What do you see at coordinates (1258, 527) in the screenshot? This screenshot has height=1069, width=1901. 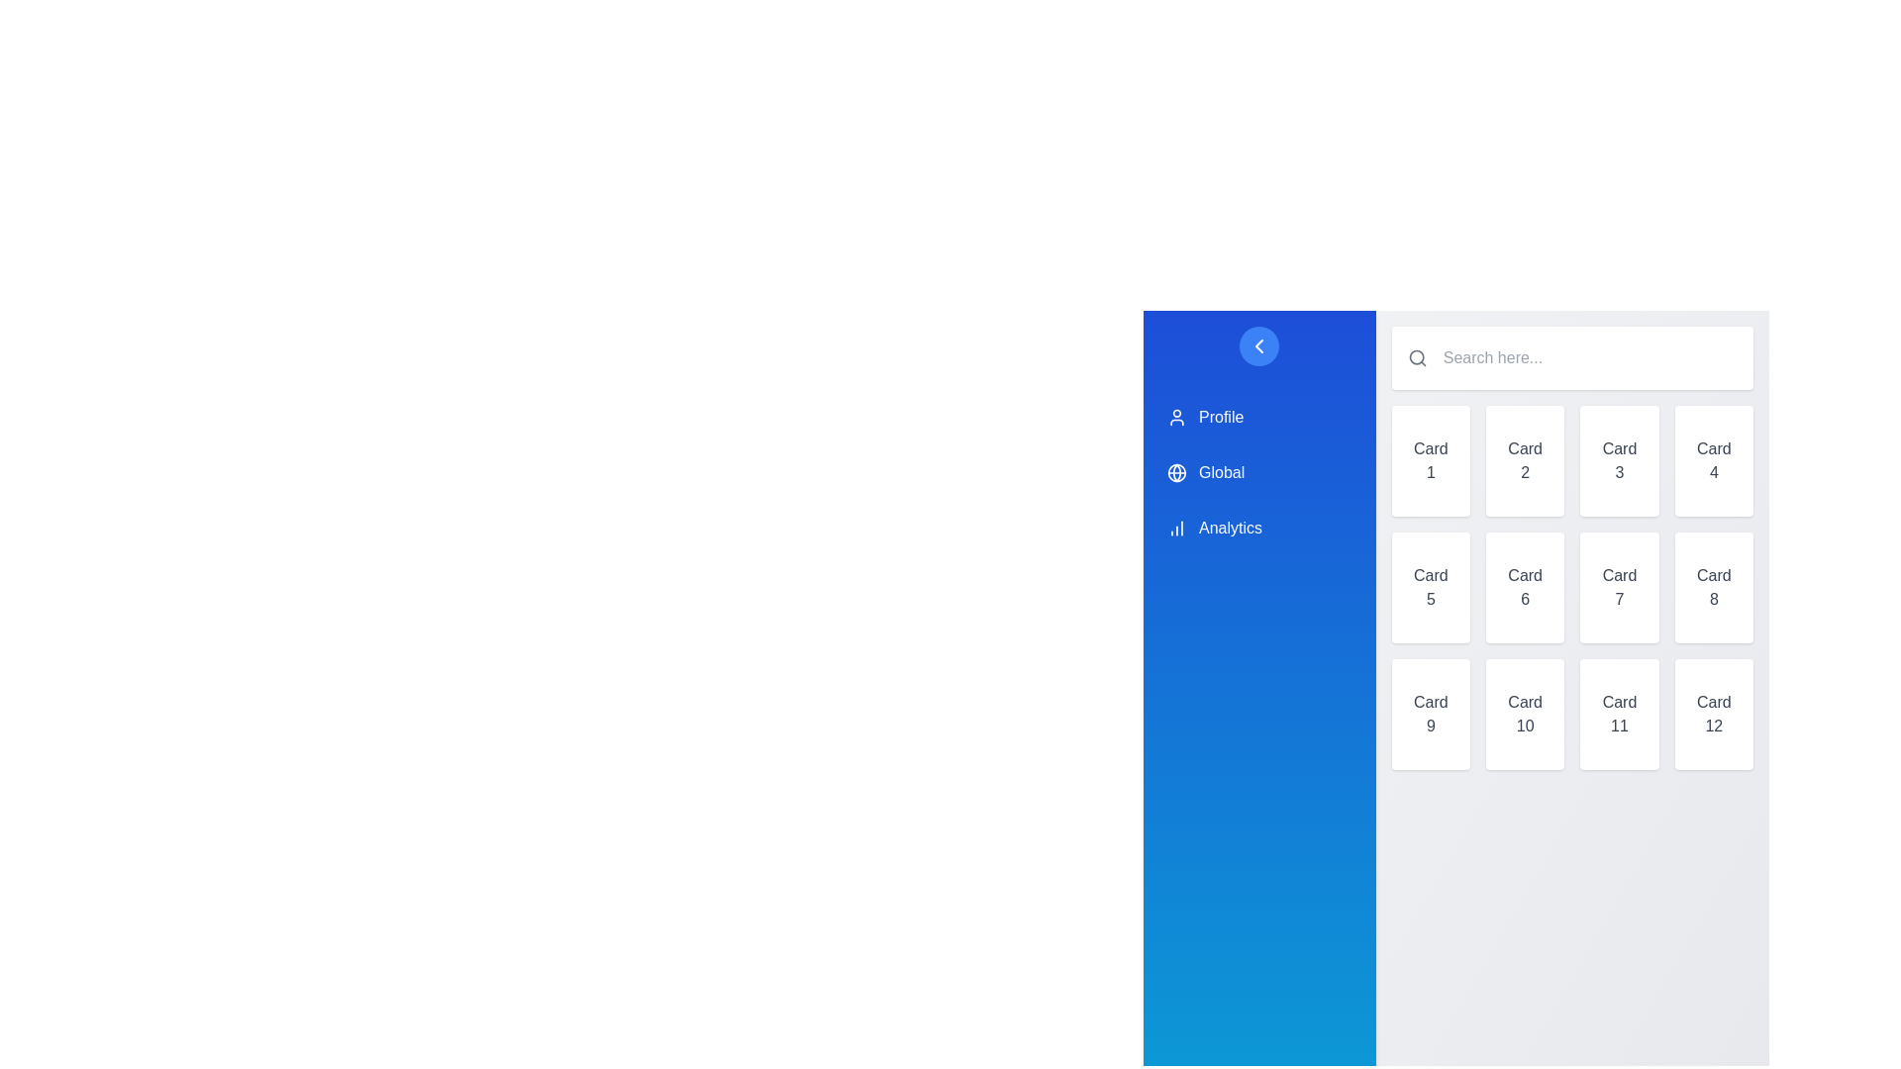 I see `the navigation menu item labeled Analytics` at bounding box center [1258, 527].